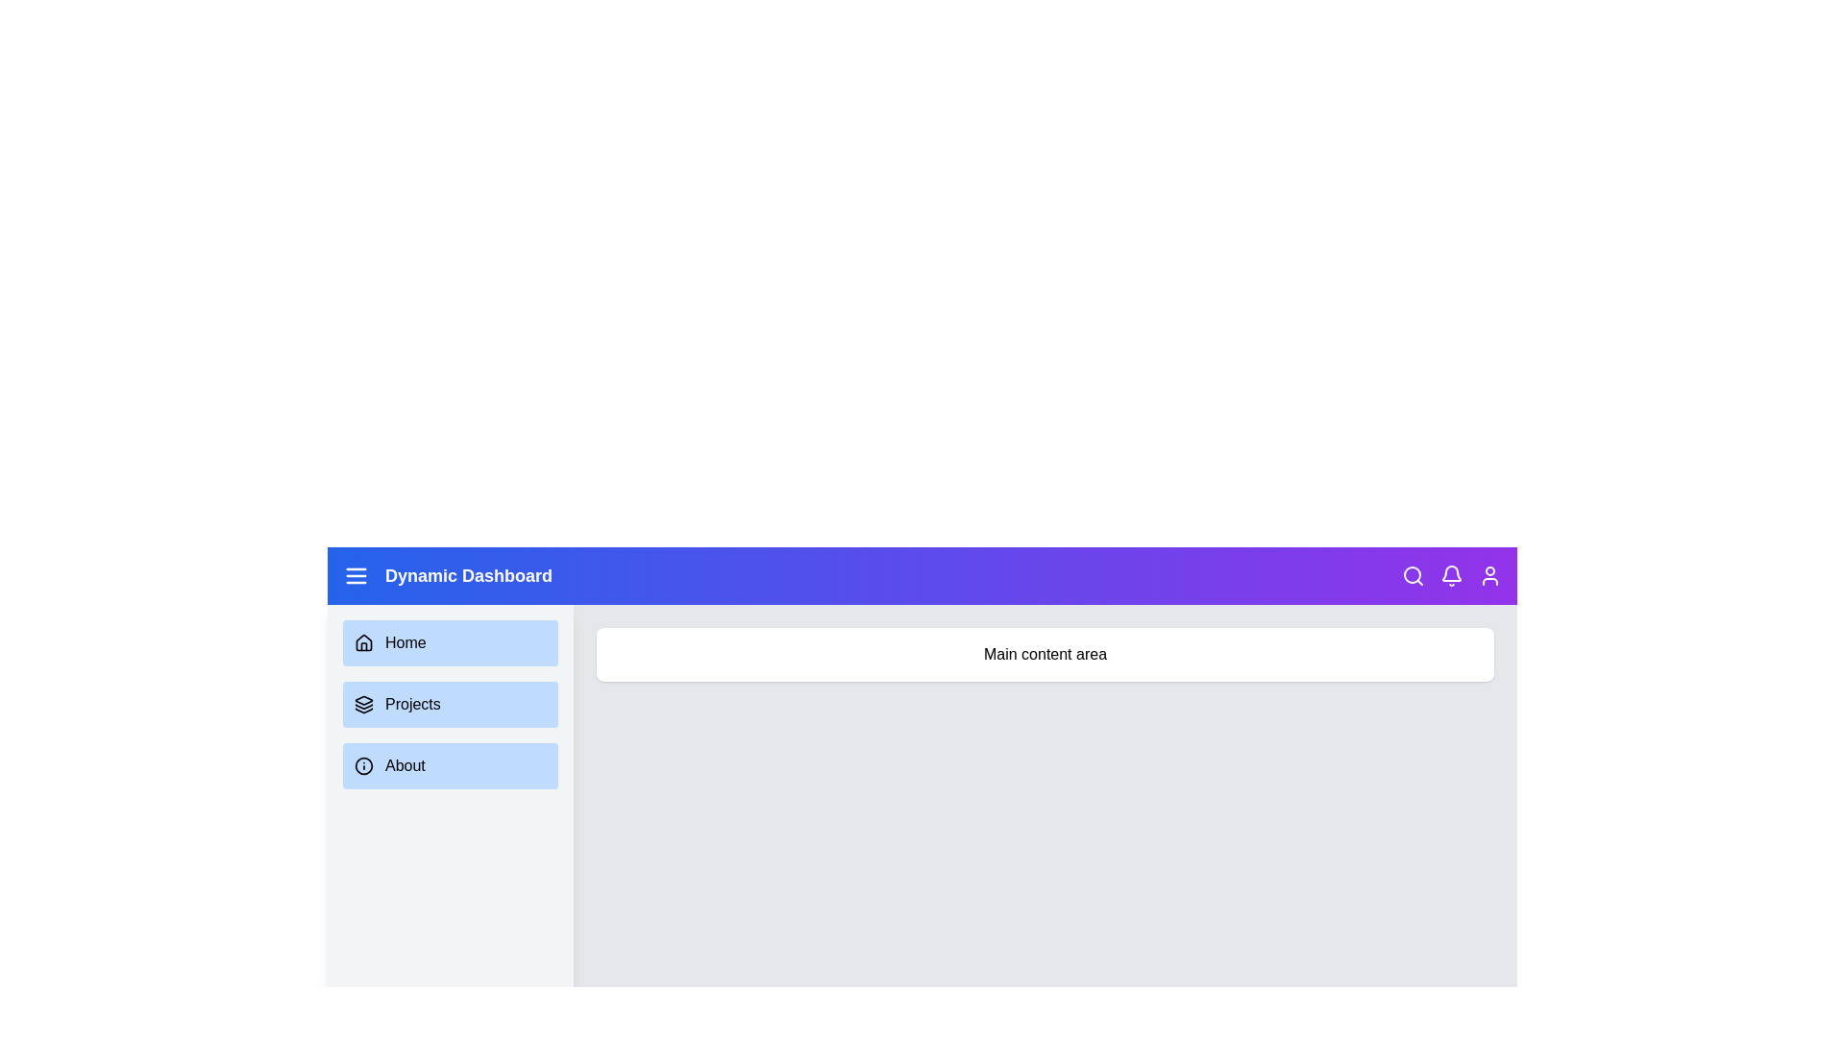 This screenshot has height=1037, width=1845. What do you see at coordinates (450, 643) in the screenshot?
I see `the navigation item Home to navigate to the respective section` at bounding box center [450, 643].